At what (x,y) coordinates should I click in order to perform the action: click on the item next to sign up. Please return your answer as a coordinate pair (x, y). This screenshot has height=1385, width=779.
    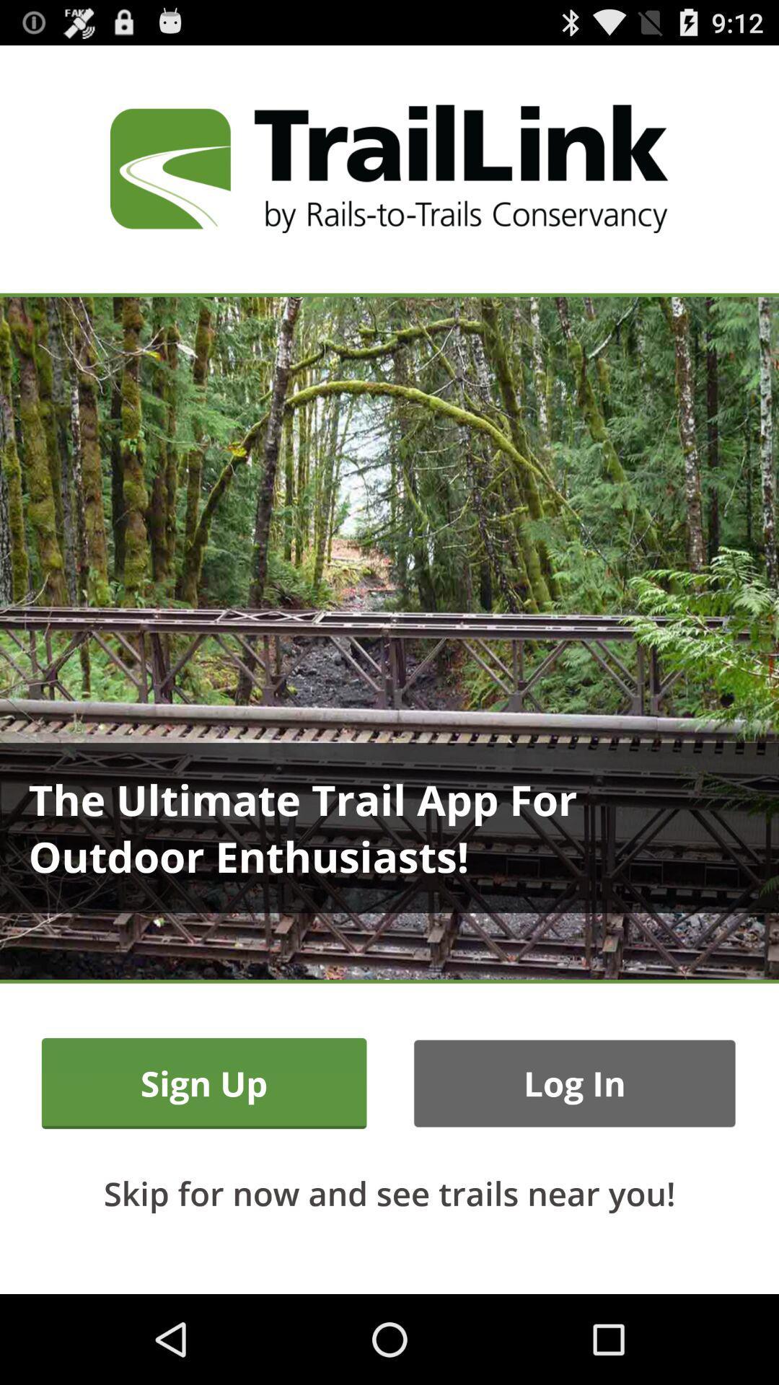
    Looking at the image, I should click on (573, 1083).